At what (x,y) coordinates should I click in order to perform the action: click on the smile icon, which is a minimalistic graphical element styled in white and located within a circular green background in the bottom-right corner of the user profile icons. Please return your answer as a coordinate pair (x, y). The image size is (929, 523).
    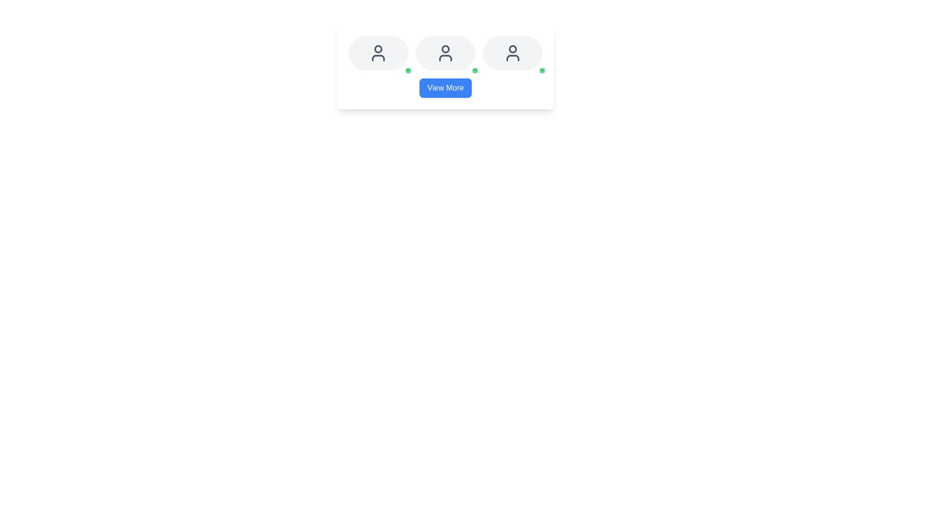
    Looking at the image, I should click on (475, 70).